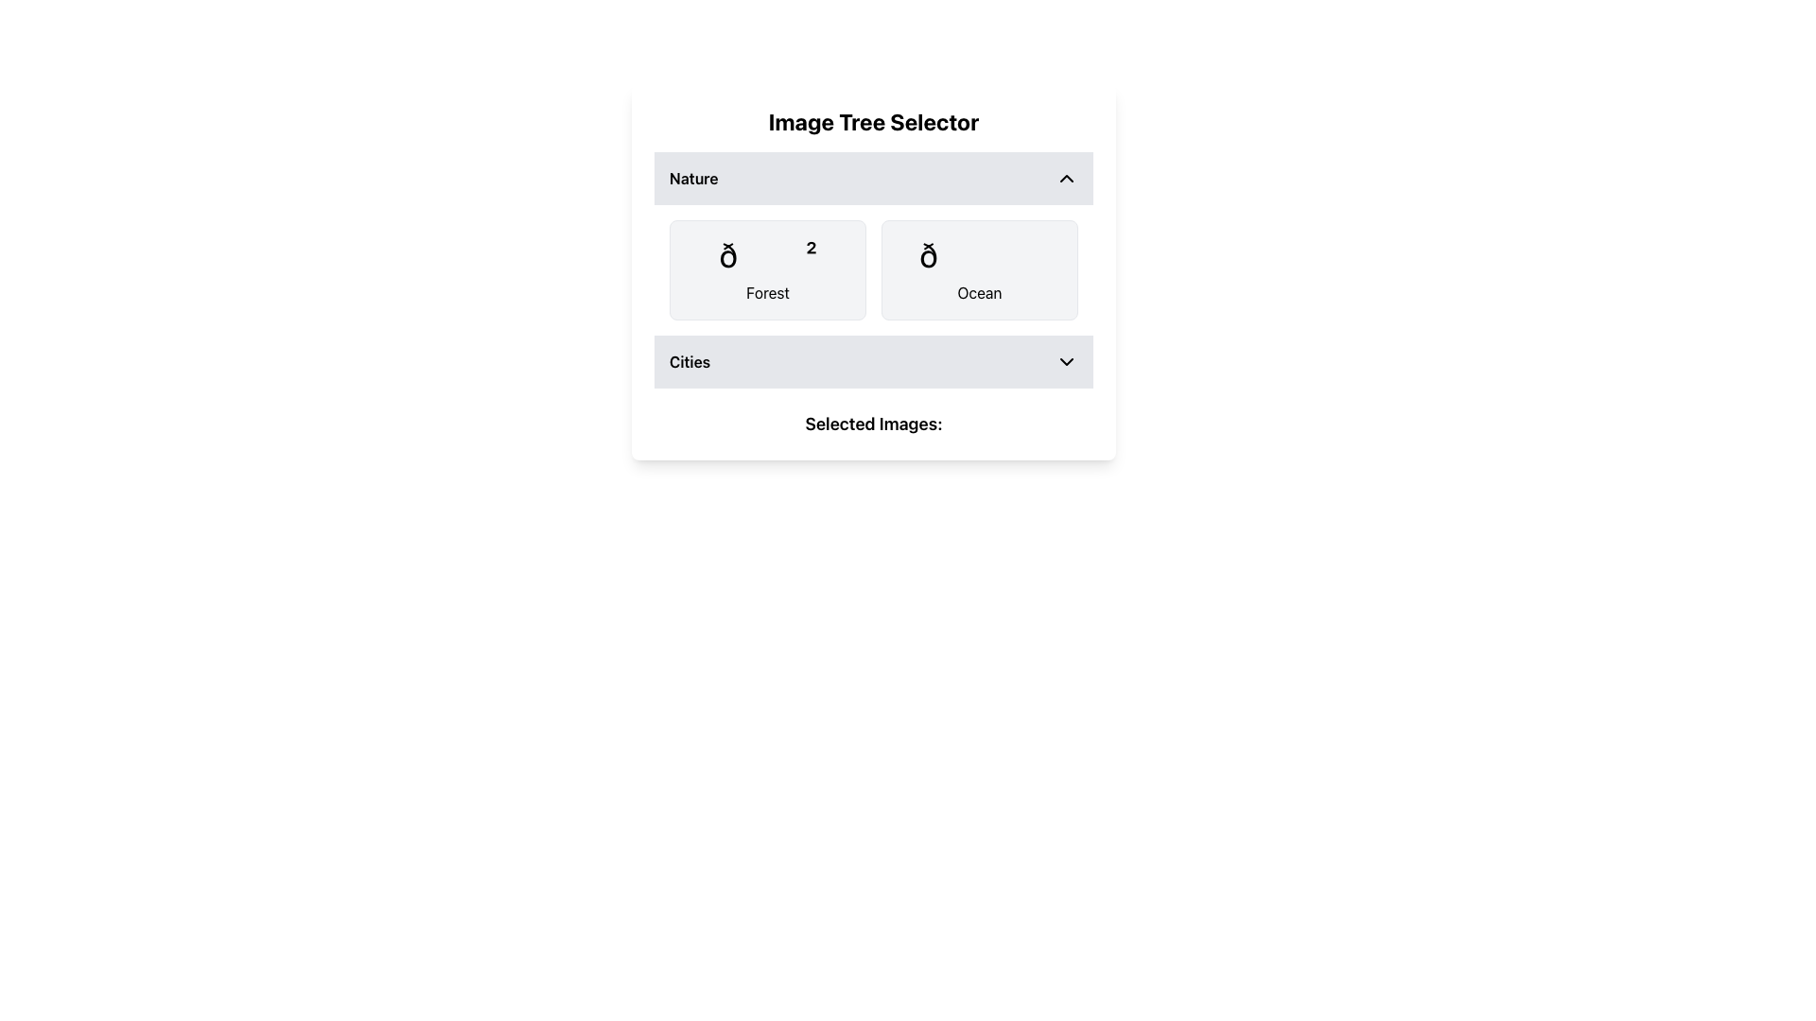 This screenshot has height=1021, width=1816. What do you see at coordinates (980, 292) in the screenshot?
I see `the text label displaying 'Ocean' in bold black font` at bounding box center [980, 292].